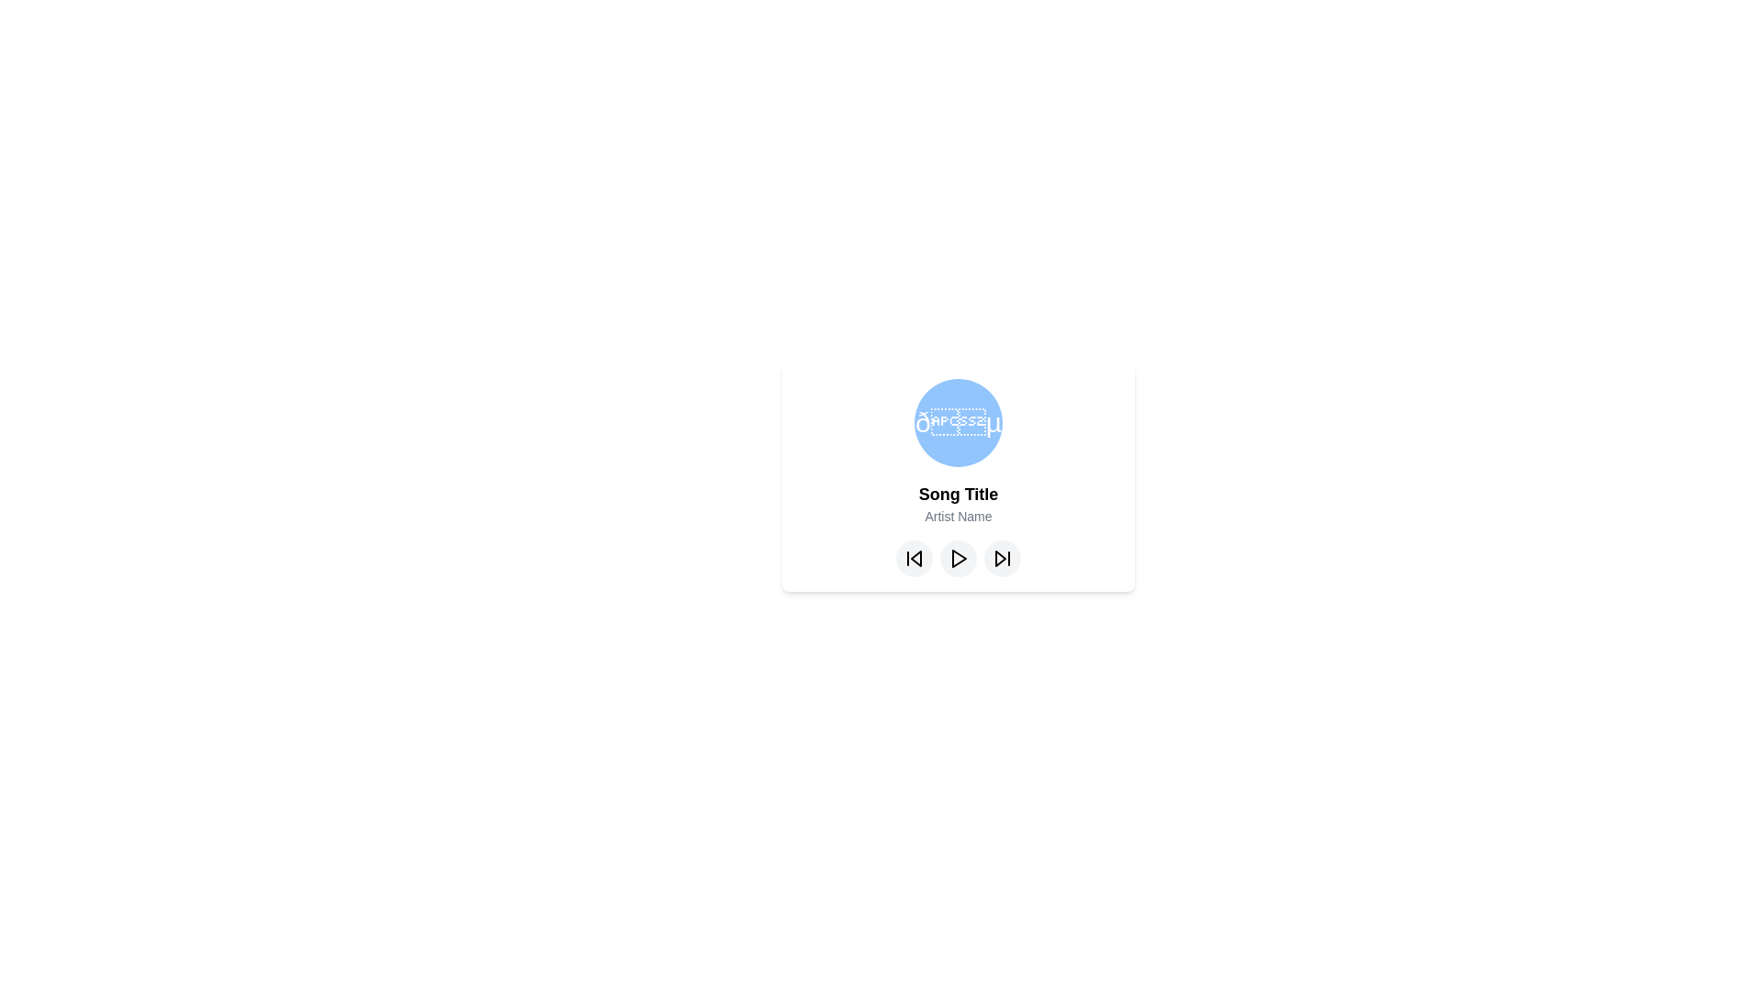 This screenshot has width=1763, height=991. What do you see at coordinates (957, 423) in the screenshot?
I see `the decorative icon or avatar that represents a song or artist, which is centrally located above the 'Song Title' and 'Artist Name' within a card-like component` at bounding box center [957, 423].